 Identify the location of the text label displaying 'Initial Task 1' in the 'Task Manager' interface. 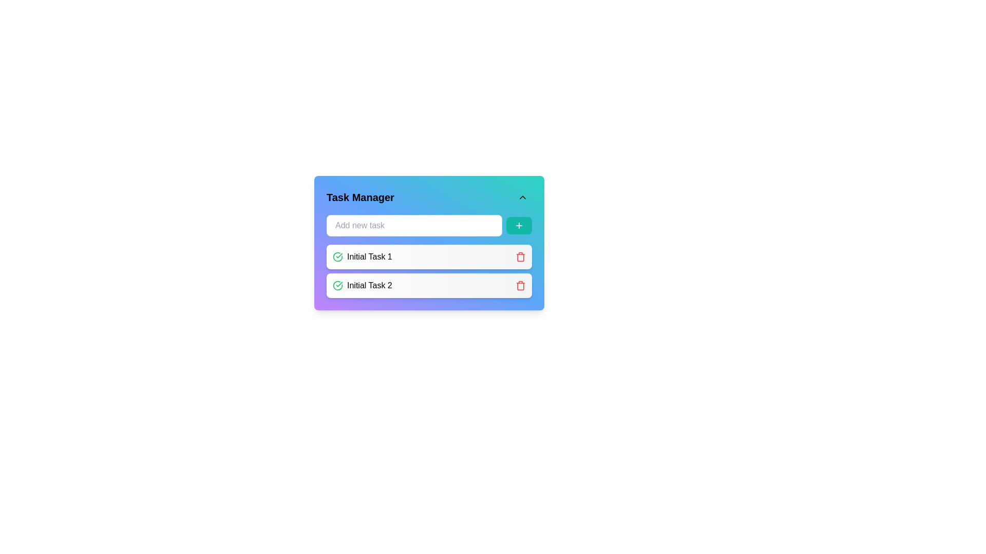
(369, 256).